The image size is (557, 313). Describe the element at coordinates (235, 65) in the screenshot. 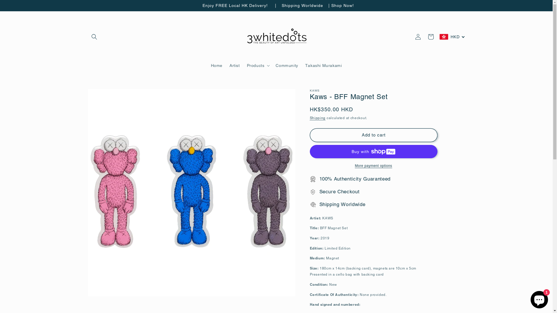

I see `'Artist'` at that location.